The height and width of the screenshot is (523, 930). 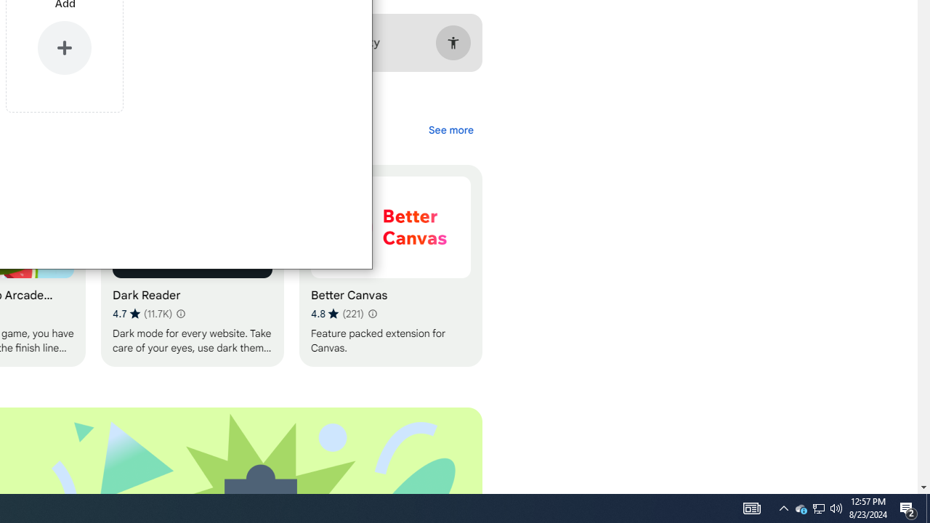 I want to click on 'Action Center, 2 new notifications', so click(x=927, y=507).